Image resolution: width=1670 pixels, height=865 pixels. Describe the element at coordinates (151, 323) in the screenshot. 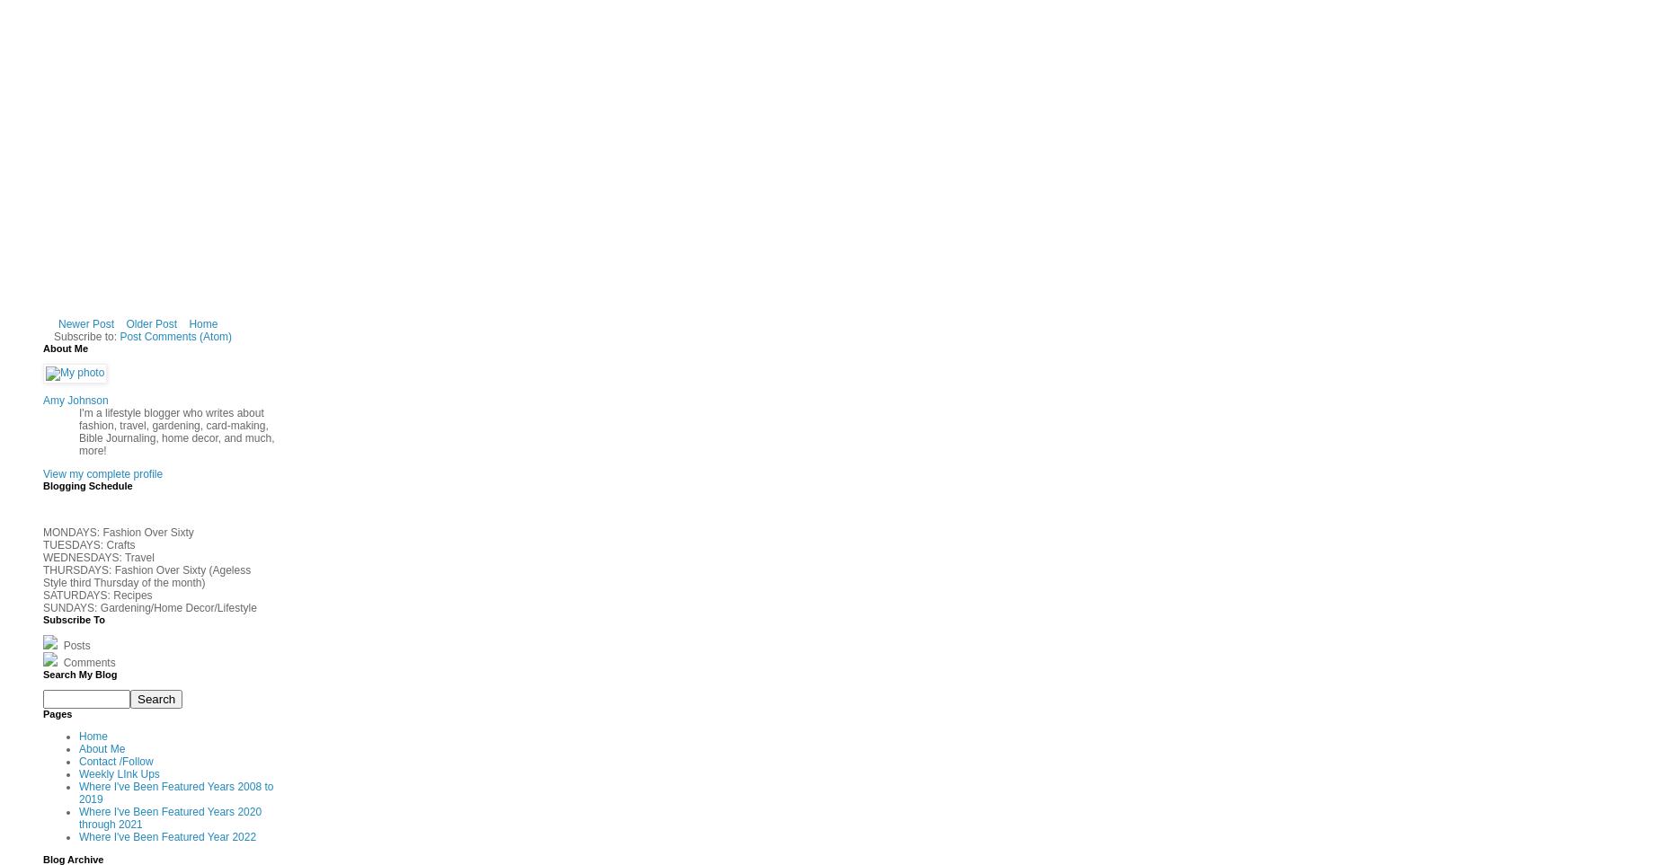

I see `'Older Post'` at that location.